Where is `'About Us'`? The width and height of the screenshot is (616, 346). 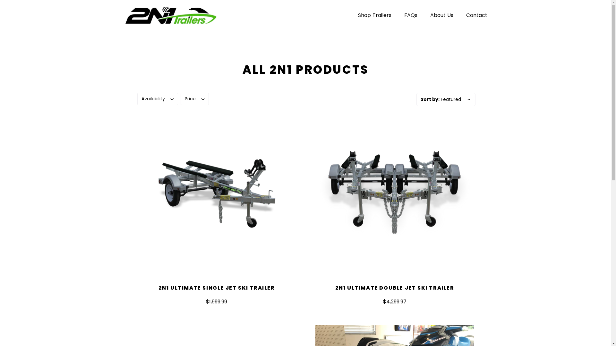
'About Us' is located at coordinates (424, 15).